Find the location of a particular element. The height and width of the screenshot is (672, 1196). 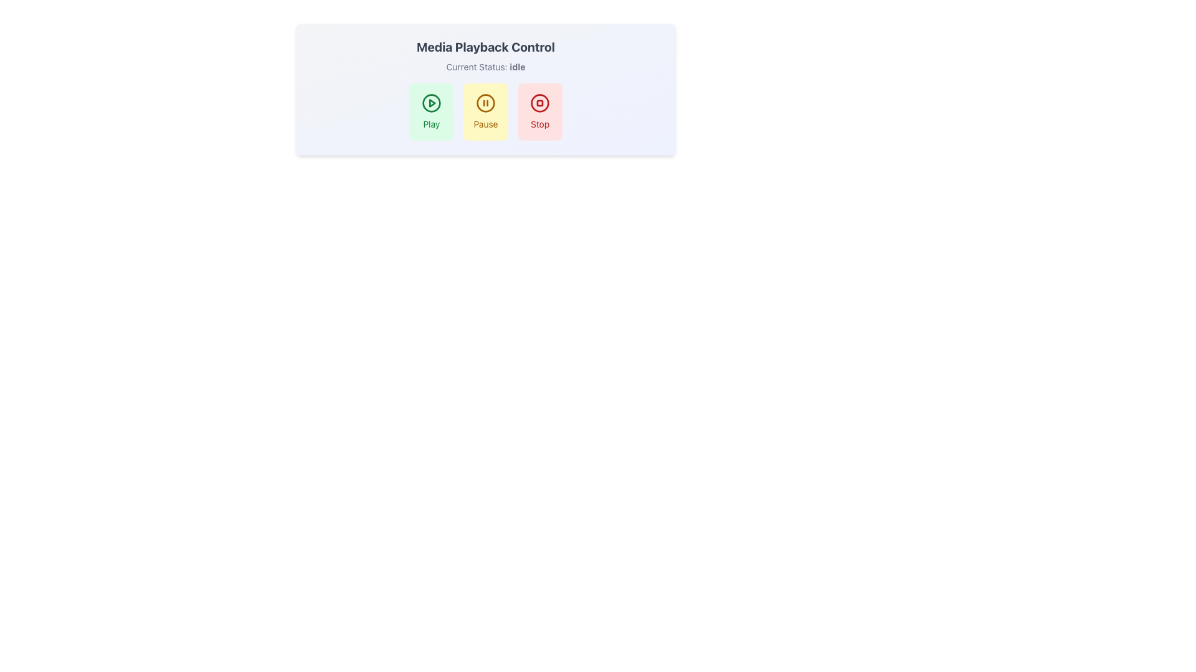

the text label displaying the word 'Play' in a green-colored font, which is styled in a smaller font size and located within a green button to the left of the 'Pause' and 'Stop' buttons is located at coordinates (431, 124).